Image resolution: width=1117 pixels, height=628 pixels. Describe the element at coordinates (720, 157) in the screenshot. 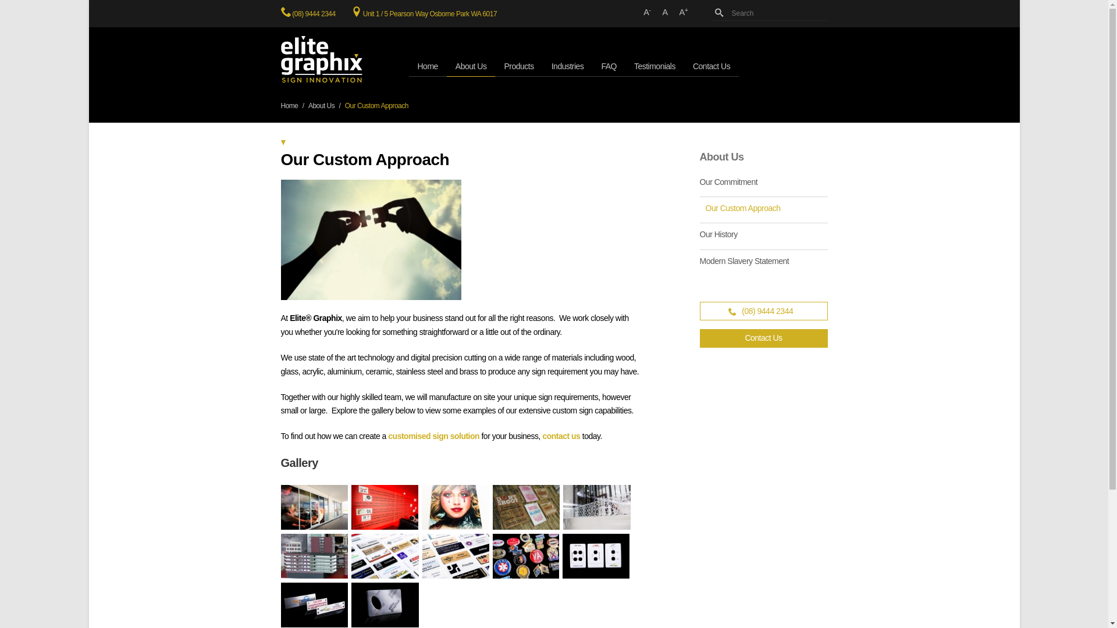

I see `'About Us'` at that location.